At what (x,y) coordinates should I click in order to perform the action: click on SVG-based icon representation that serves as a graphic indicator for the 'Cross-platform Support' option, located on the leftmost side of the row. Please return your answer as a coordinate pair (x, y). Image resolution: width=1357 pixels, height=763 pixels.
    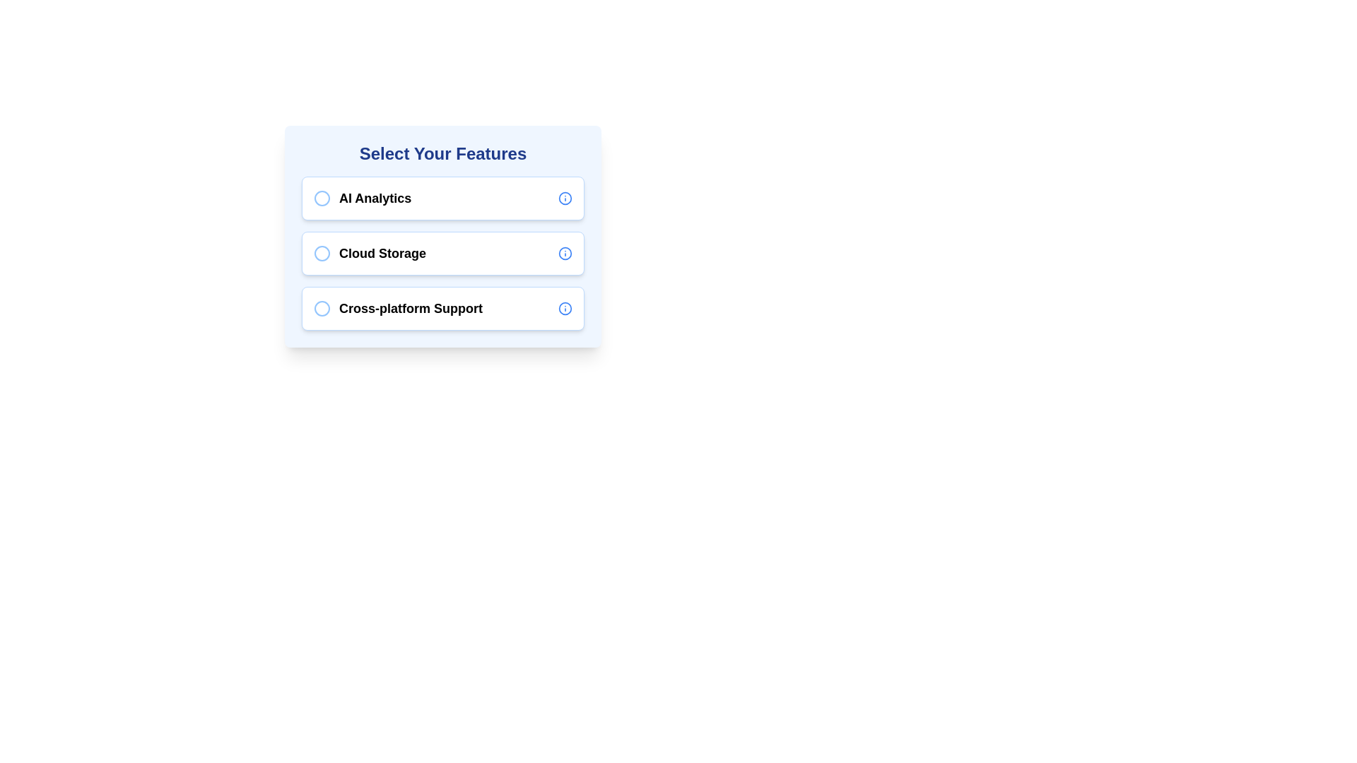
    Looking at the image, I should click on (322, 307).